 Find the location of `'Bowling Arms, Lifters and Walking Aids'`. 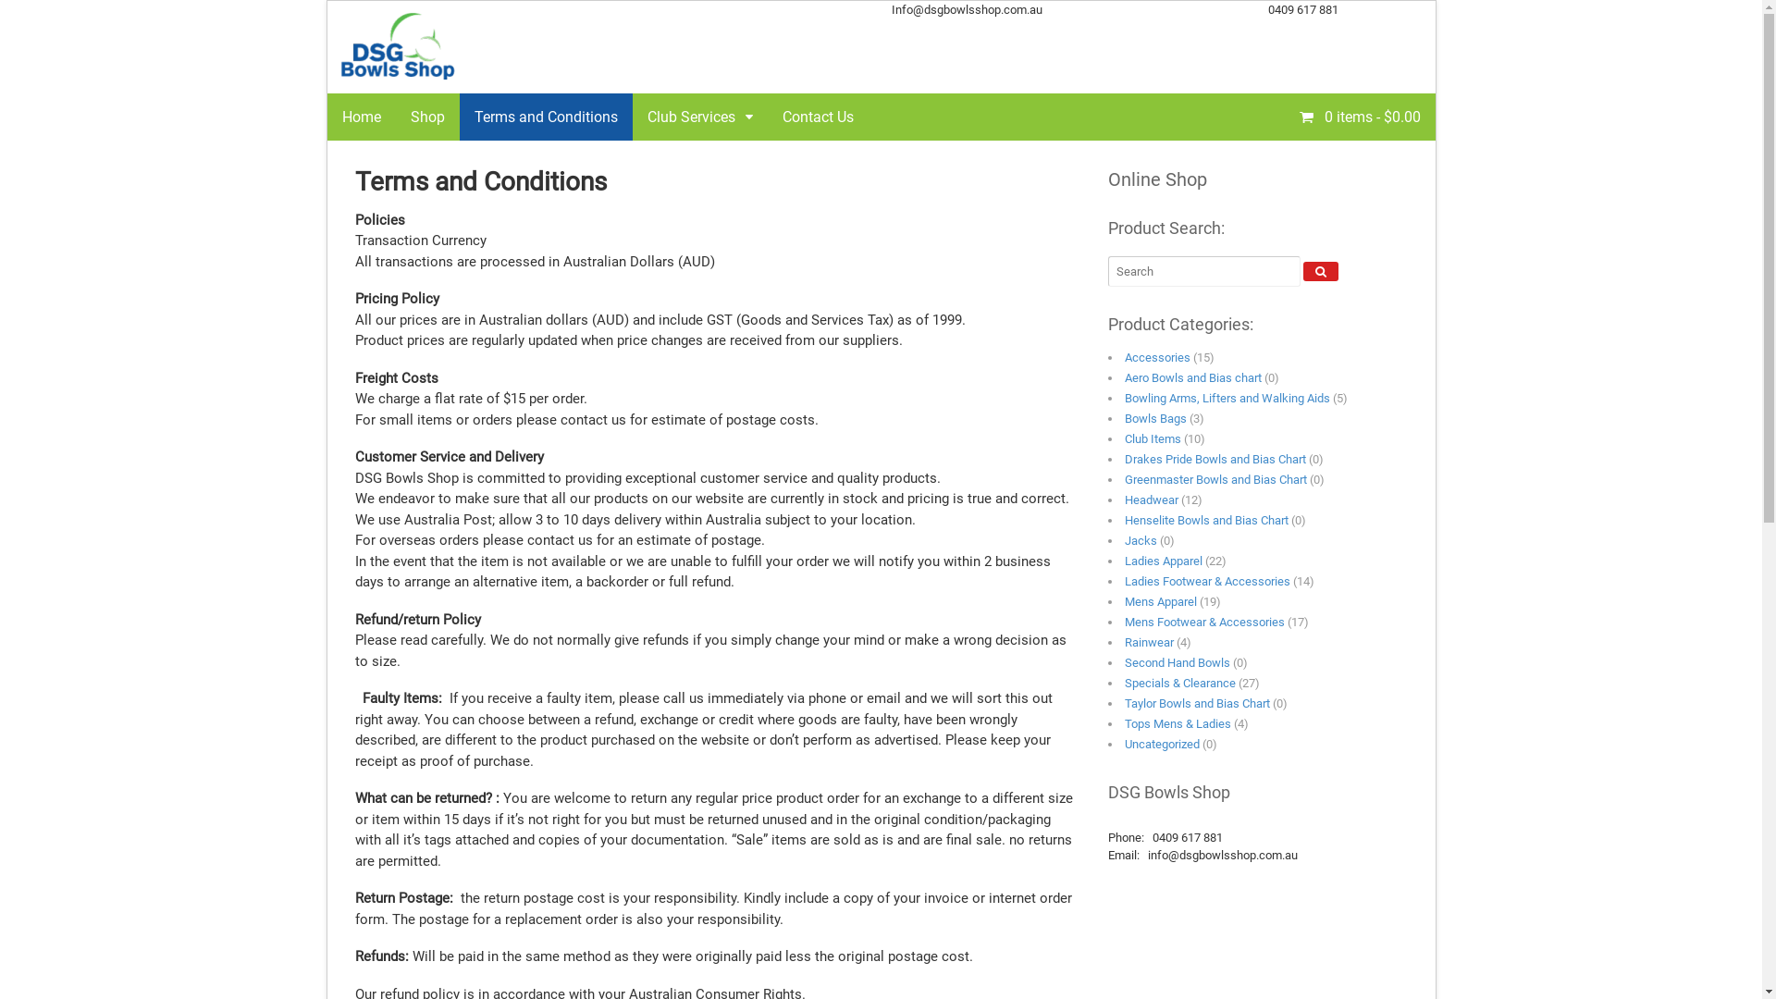

'Bowling Arms, Lifters and Walking Aids' is located at coordinates (1227, 397).